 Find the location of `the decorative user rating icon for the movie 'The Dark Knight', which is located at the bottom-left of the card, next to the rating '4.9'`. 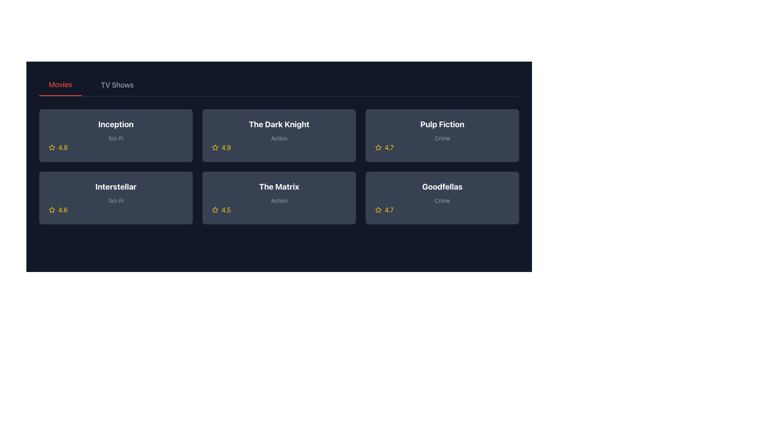

the decorative user rating icon for the movie 'The Dark Knight', which is located at the bottom-left of the card, next to the rating '4.9' is located at coordinates (215, 147).